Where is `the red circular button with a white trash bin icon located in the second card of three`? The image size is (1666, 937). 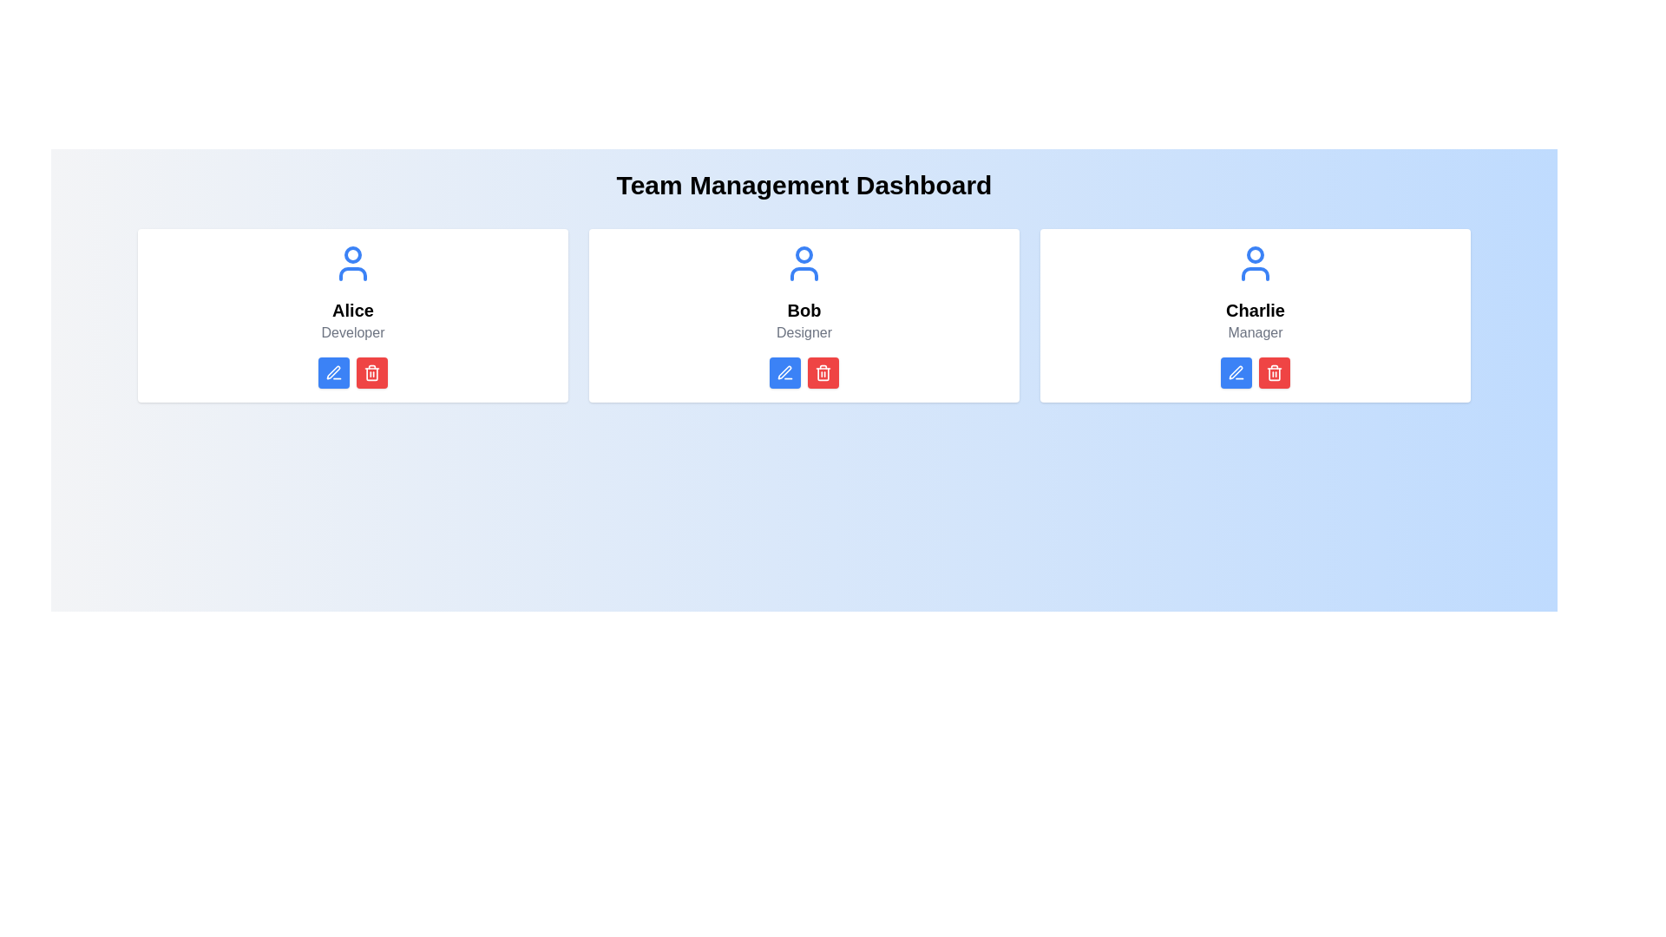
the red circular button with a white trash bin icon located in the second card of three is located at coordinates (823, 371).